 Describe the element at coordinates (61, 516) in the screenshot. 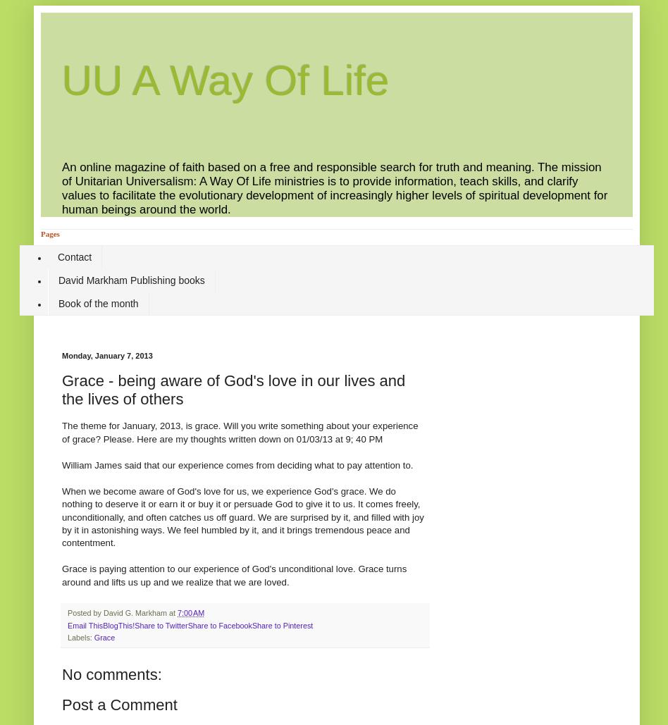

I see `'When we become aware of God's love for us, we experience God's grace. We do nothing to deserve it or earn it or buy it or persuade God to give it to us. It comes freely, unconditionally, and often catches us off guard. We are surprised by it, and filled with joy by it in astonishing ways. We feel humbled by it, and it brings tremendous peace and contentment.'` at that location.